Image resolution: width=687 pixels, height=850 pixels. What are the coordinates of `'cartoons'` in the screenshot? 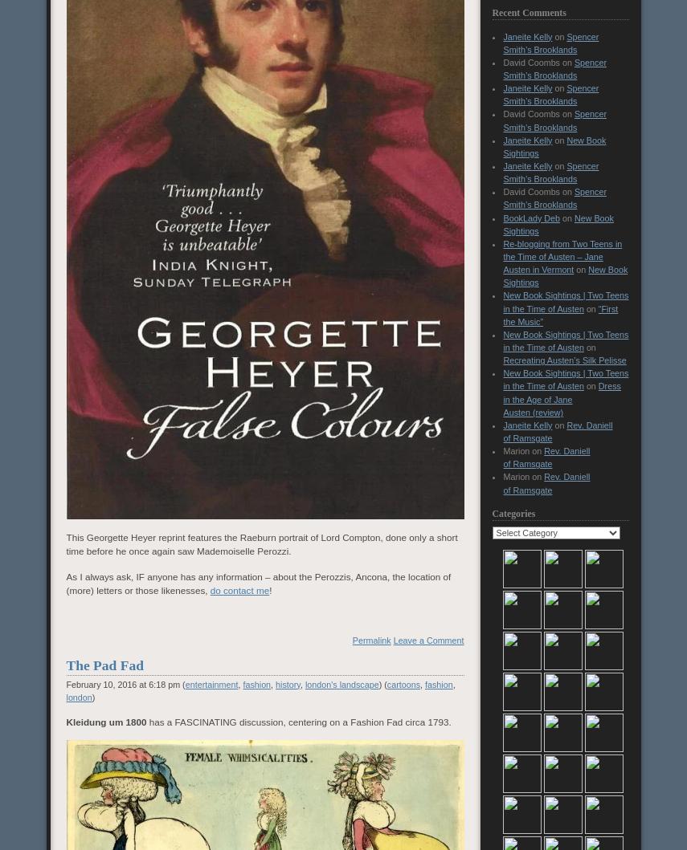 It's located at (402, 683).